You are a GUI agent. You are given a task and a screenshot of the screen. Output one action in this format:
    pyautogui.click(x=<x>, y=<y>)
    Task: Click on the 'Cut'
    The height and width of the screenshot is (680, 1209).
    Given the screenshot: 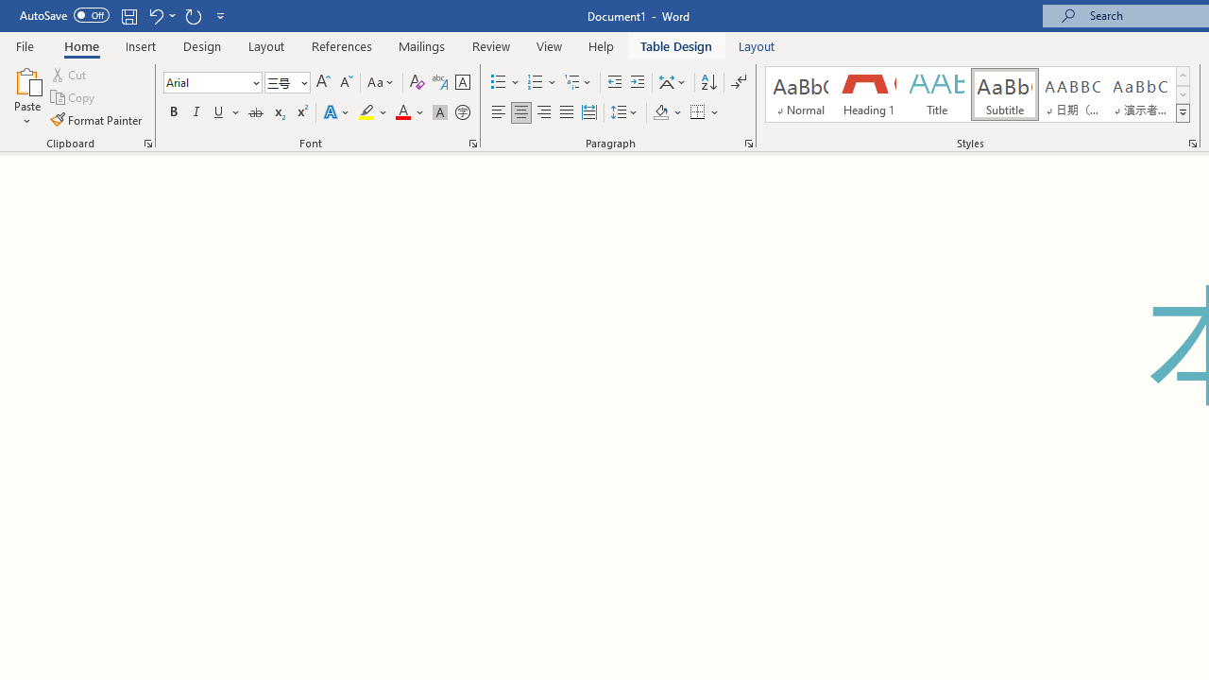 What is the action you would take?
    pyautogui.click(x=70, y=74)
    